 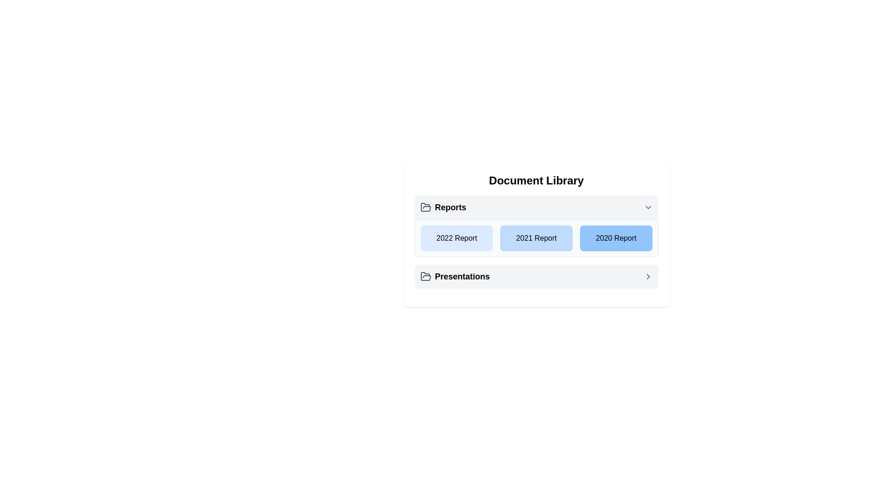 I want to click on the static label displaying '2022 Report' in the Reports section of the Document Library interface, so click(x=456, y=237).